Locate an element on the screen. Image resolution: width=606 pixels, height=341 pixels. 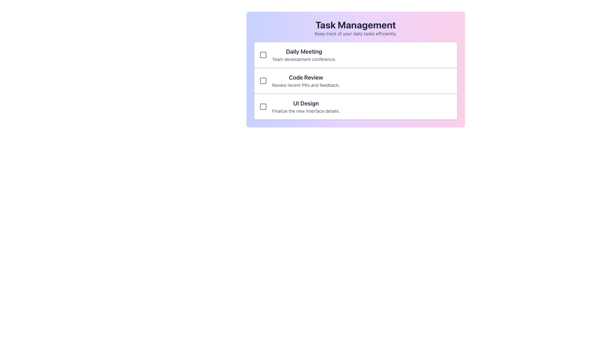
the 'Daily Meeting' text label, which is styled prominently with a larger, bold font and is the first item in a vertical list within a card interface is located at coordinates (304, 54).